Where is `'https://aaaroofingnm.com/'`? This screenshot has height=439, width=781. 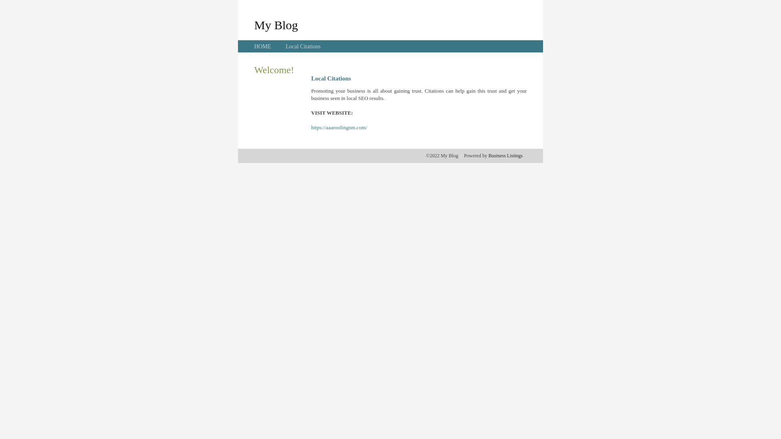
'https://aaaroofingnm.com/' is located at coordinates (339, 127).